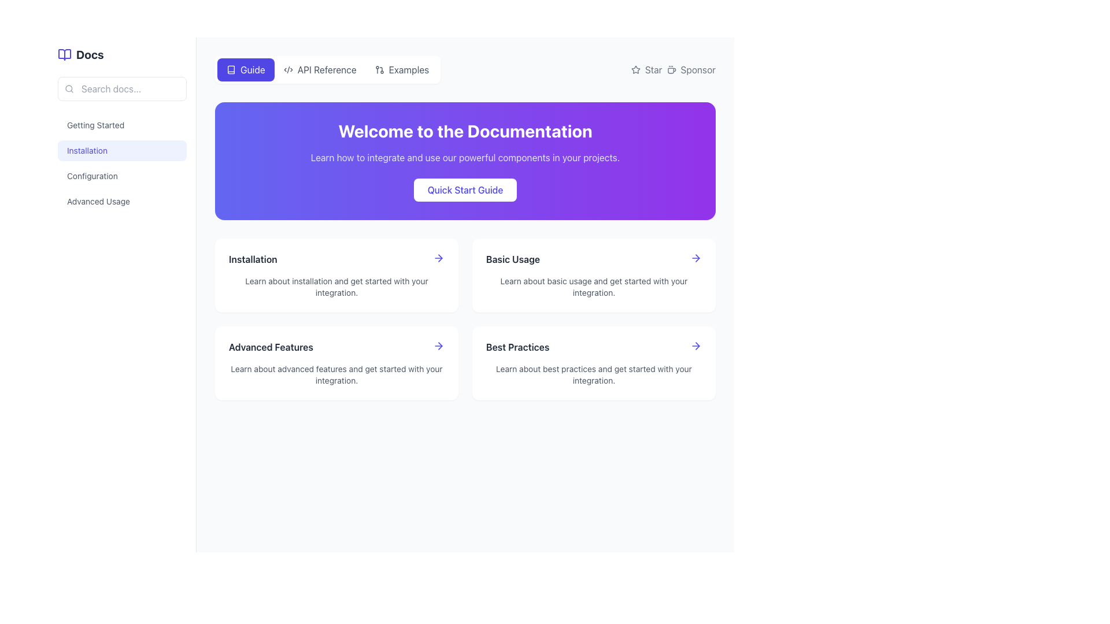  I want to click on the Banner with the call-to-action button labeled 'Quick Start Guide', so click(465, 161).